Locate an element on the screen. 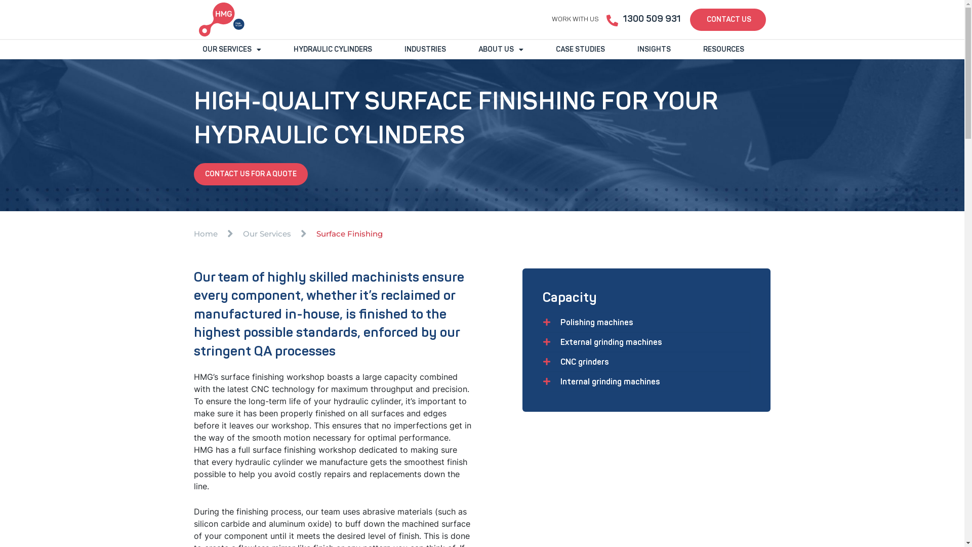 The image size is (972, 547). 'CONTACT US' is located at coordinates (689, 19).